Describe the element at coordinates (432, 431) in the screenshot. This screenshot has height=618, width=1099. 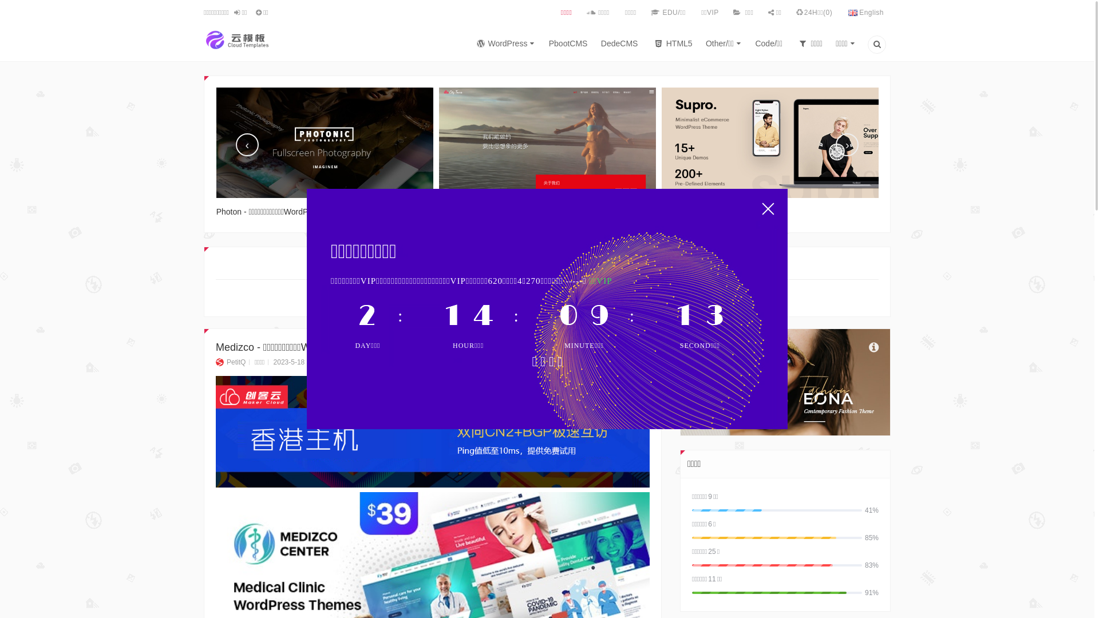
I see `'9.8'` at that location.